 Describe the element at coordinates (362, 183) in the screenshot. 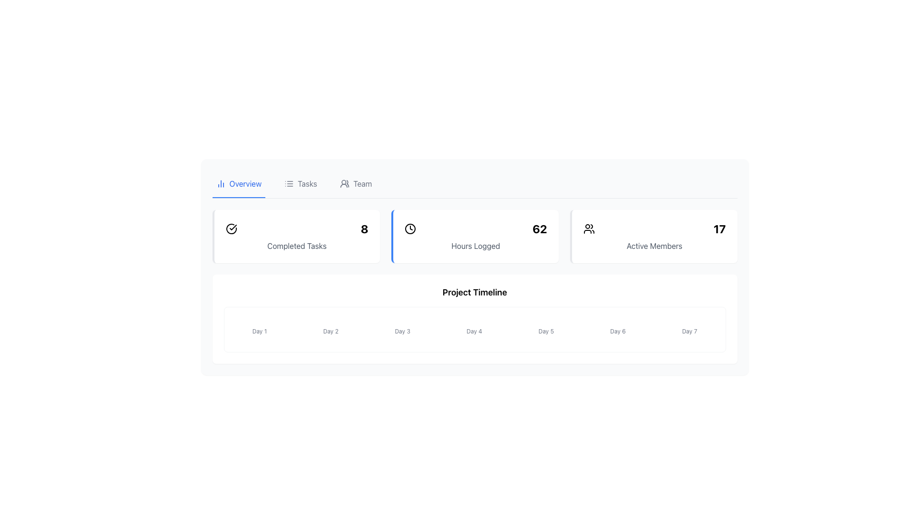

I see `'Team' label located in the top navigation bar, adjacent to the 'Tasks' label and a group icon` at that location.